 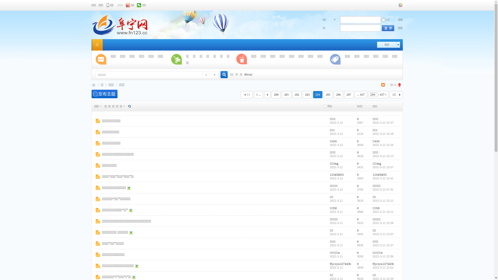 I want to click on '2022-3-11 23:07', so click(x=372, y=234).